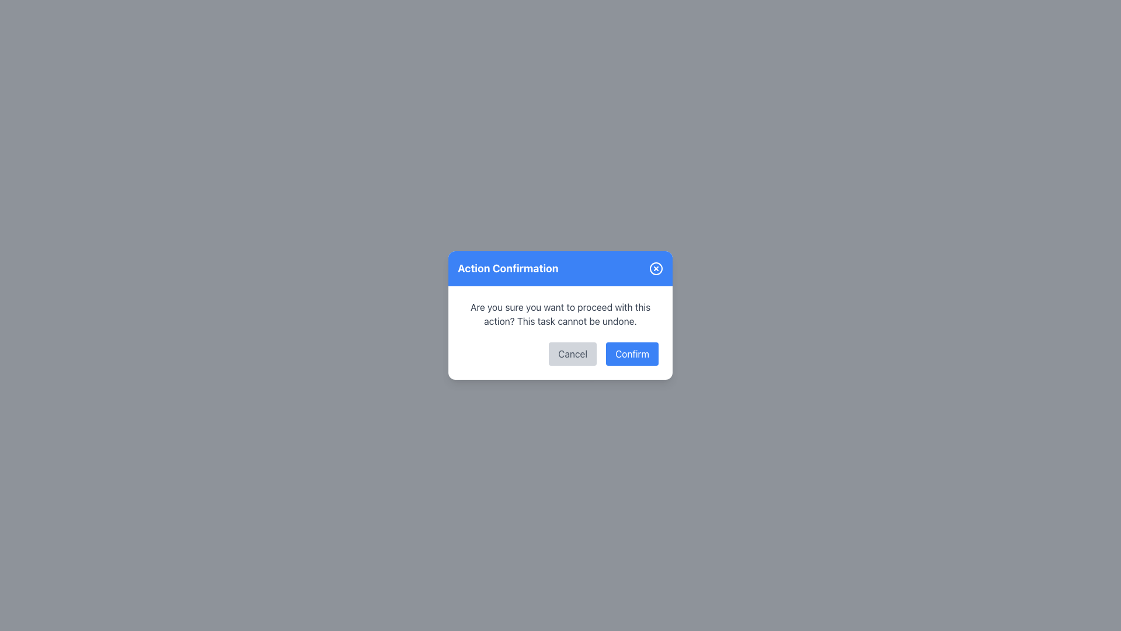 The height and width of the screenshot is (631, 1121). I want to click on the 'Cancel' button in the Confirmation Box, so click(560, 333).